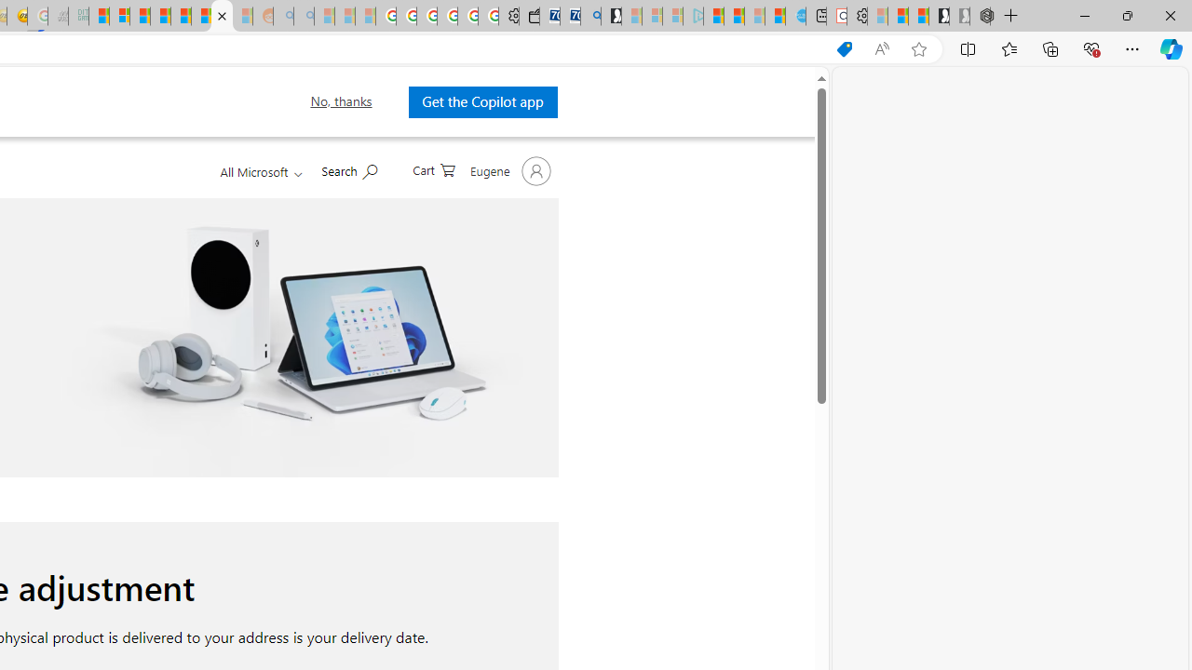 This screenshot has width=1192, height=670. What do you see at coordinates (349, 169) in the screenshot?
I see `'Search Microsoft.com'` at bounding box center [349, 169].